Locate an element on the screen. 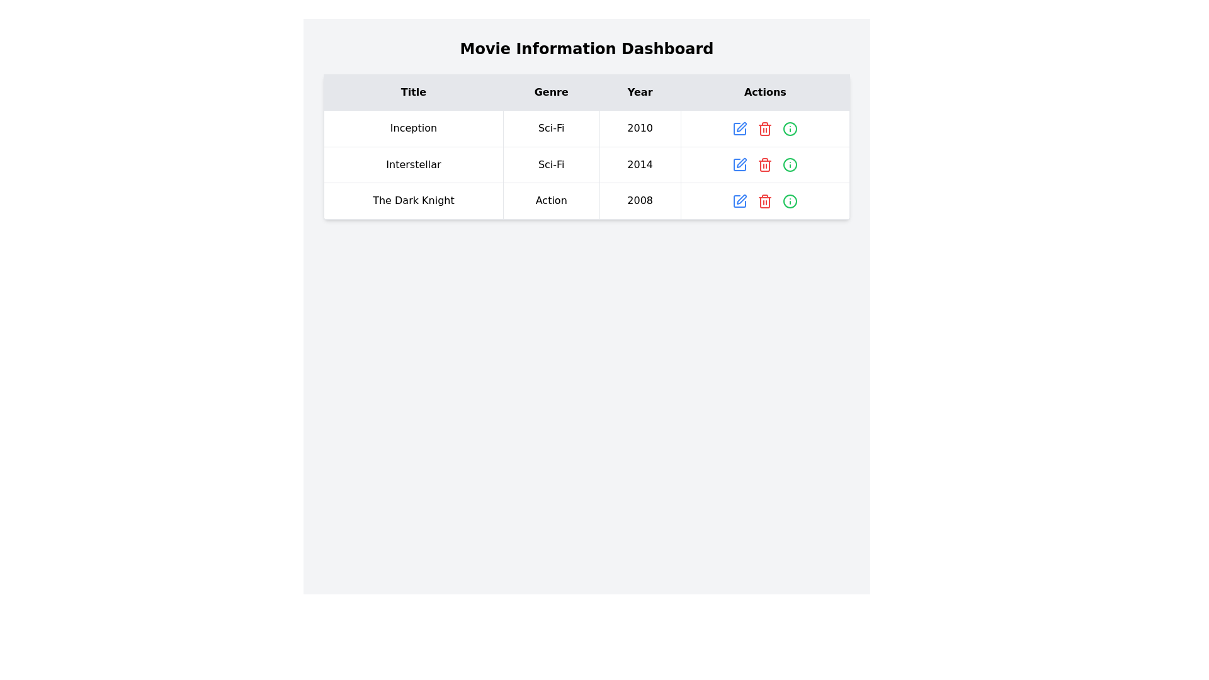  the Table Cell that contains the genre of the movie 'Interstellar', which is located in the second row under the 'Genre' column, positioned between the 'Interstellar' cell and the '2014' cell is located at coordinates (551, 164).